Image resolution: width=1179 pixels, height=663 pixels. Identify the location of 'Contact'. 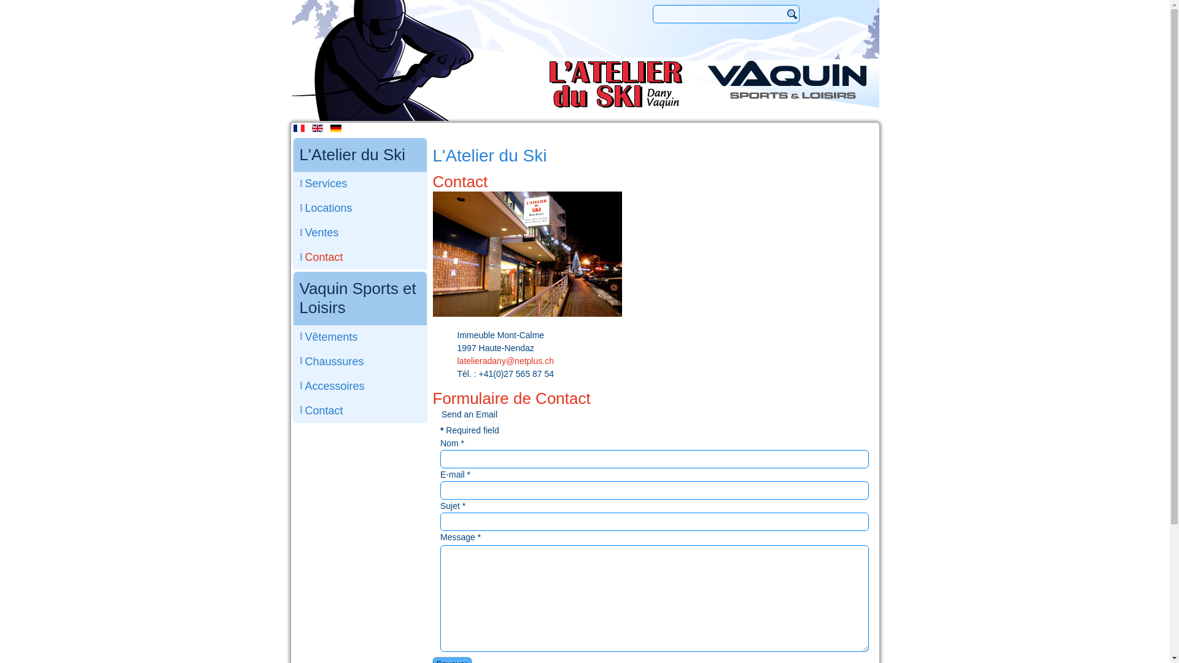
(293, 257).